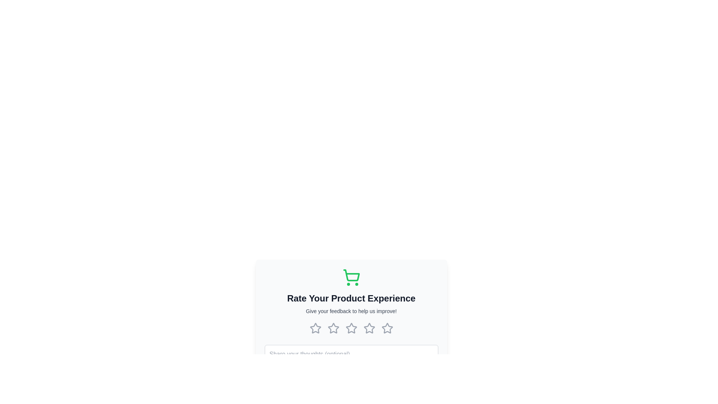 Image resolution: width=718 pixels, height=404 pixels. What do you see at coordinates (369, 328) in the screenshot?
I see `the fourth star icon in the rating control` at bounding box center [369, 328].